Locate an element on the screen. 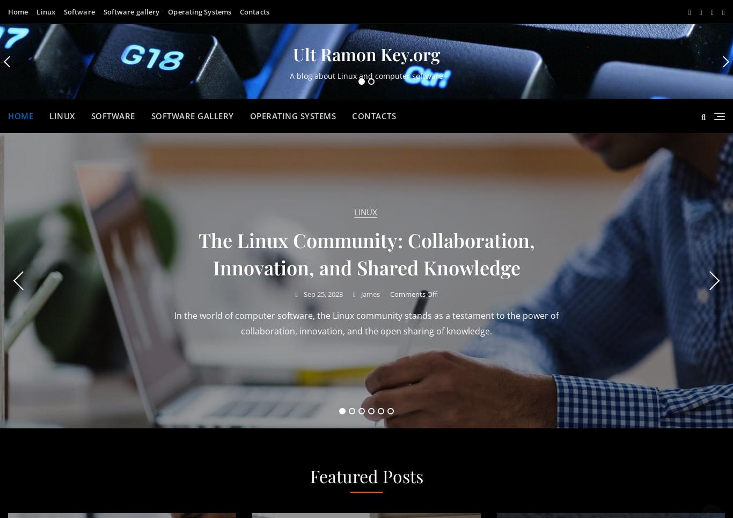  'Millions of students from around the world struggle with their mathematics assignments. This academic field causes a lot of difficulties just because it is very' is located at coordinates (365, 322).